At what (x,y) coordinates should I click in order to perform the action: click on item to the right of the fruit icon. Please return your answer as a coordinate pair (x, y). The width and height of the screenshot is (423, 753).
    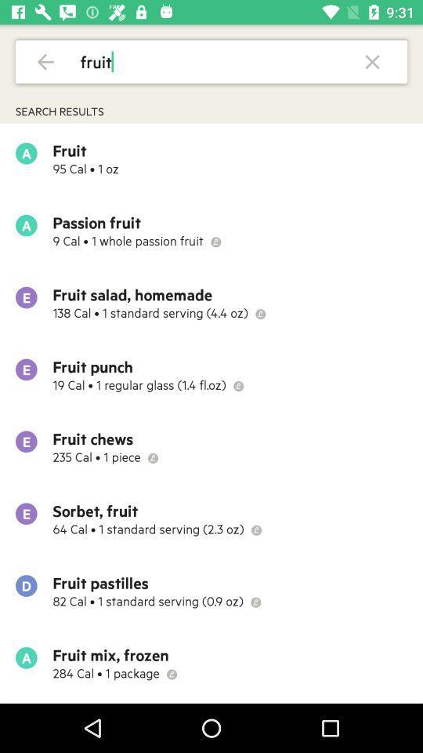
    Looking at the image, I should click on (371, 61).